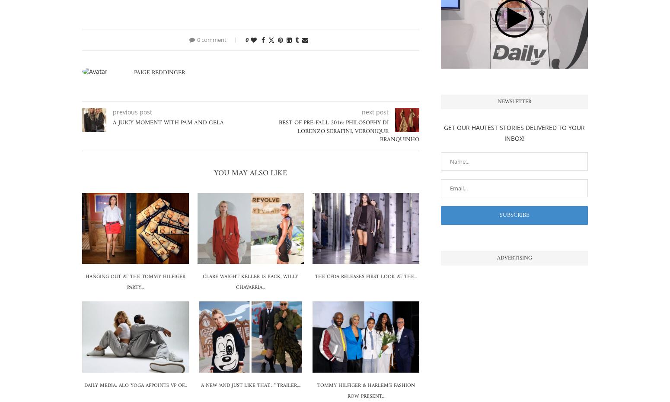 This screenshot has height=402, width=670. Describe the element at coordinates (159, 72) in the screenshot. I see `'Paige Reddinger'` at that location.